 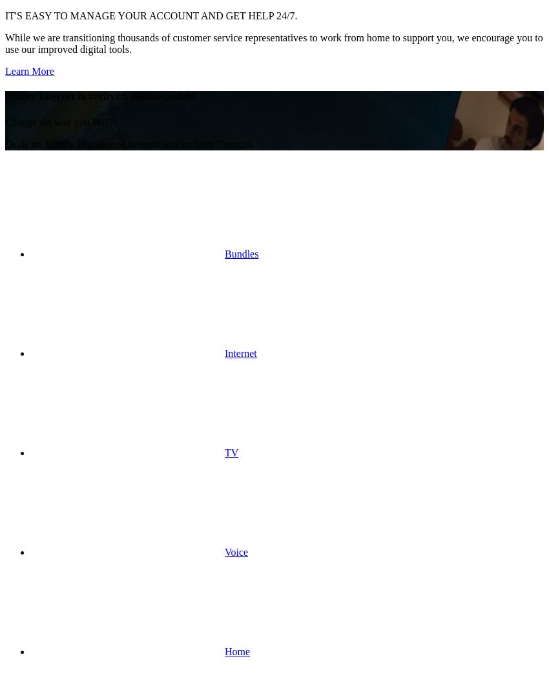 I want to click on 'Voice', so click(x=236, y=551).